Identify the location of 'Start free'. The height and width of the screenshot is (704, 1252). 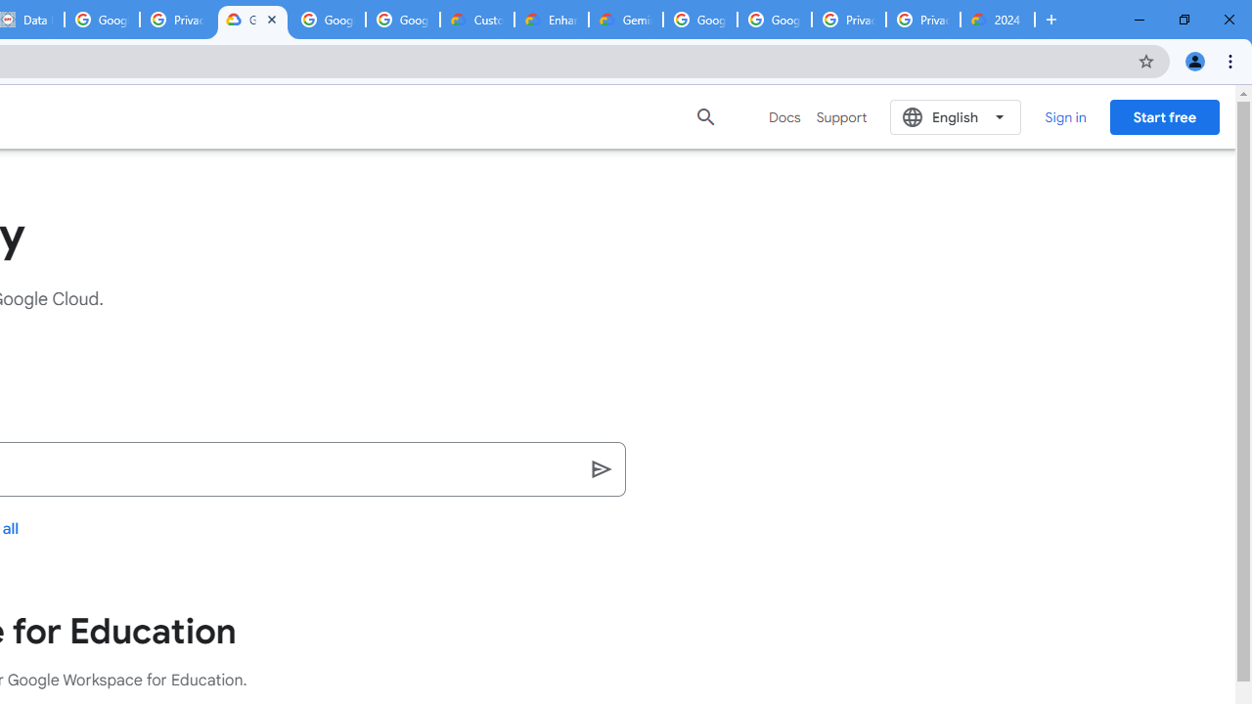
(1164, 116).